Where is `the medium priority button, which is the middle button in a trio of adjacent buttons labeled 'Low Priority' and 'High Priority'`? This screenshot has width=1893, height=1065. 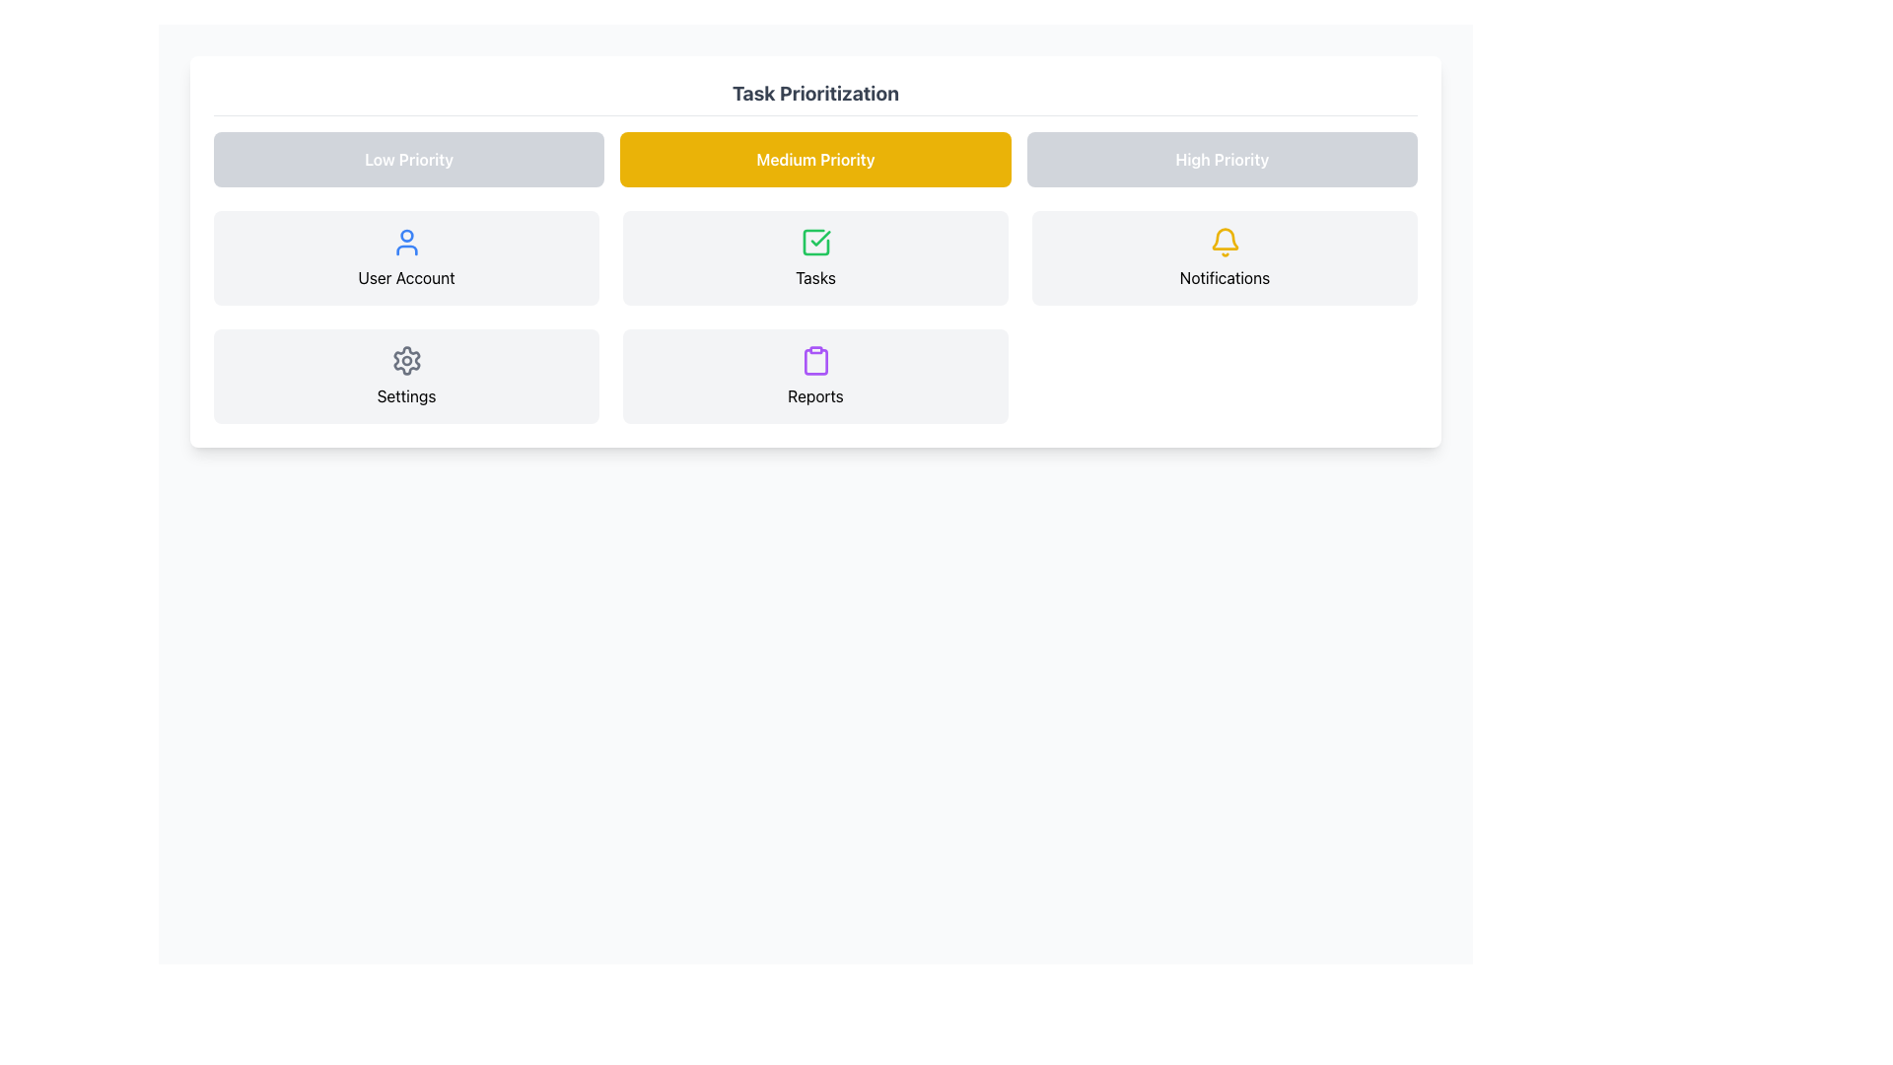 the medium priority button, which is the middle button in a trio of adjacent buttons labeled 'Low Priority' and 'High Priority' is located at coordinates (815, 159).